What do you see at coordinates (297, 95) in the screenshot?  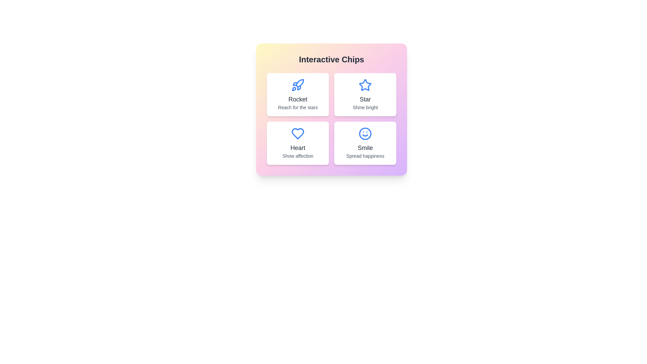 I see `the chip labeled Rocket` at bounding box center [297, 95].